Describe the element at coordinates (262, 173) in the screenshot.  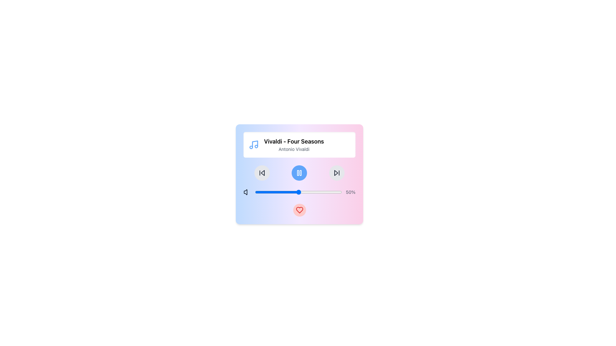
I see `the leftmost circular button in the music control section` at that location.